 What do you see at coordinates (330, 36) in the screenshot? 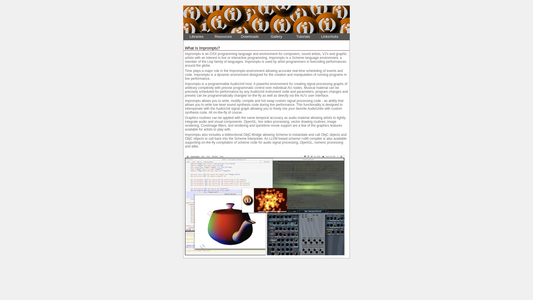
I see `'Links/Acks'` at bounding box center [330, 36].